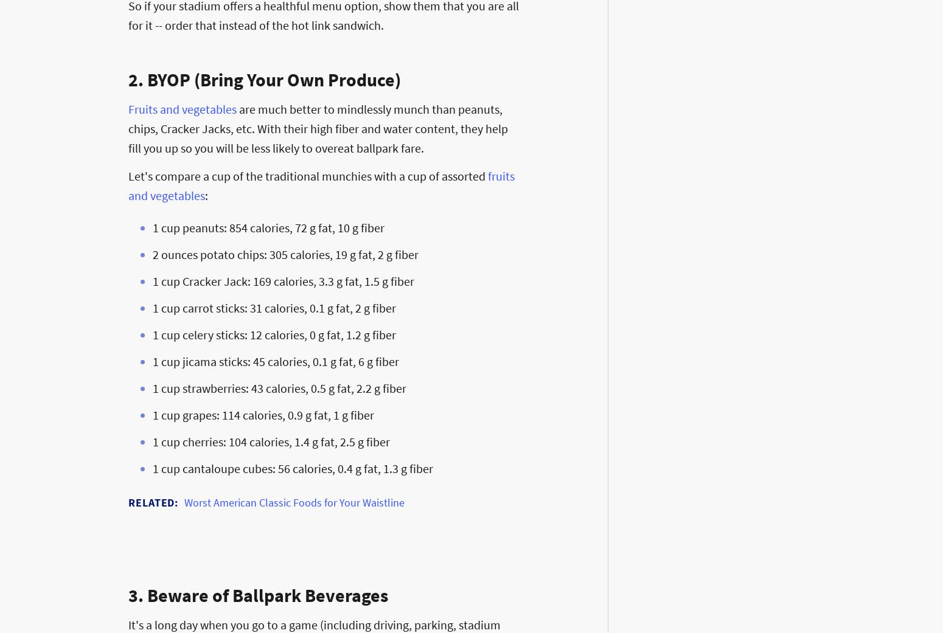  Describe the element at coordinates (268, 227) in the screenshot. I see `'1 cup peanuts: 854 calories, 72 g fat, 10 g fiber'` at that location.